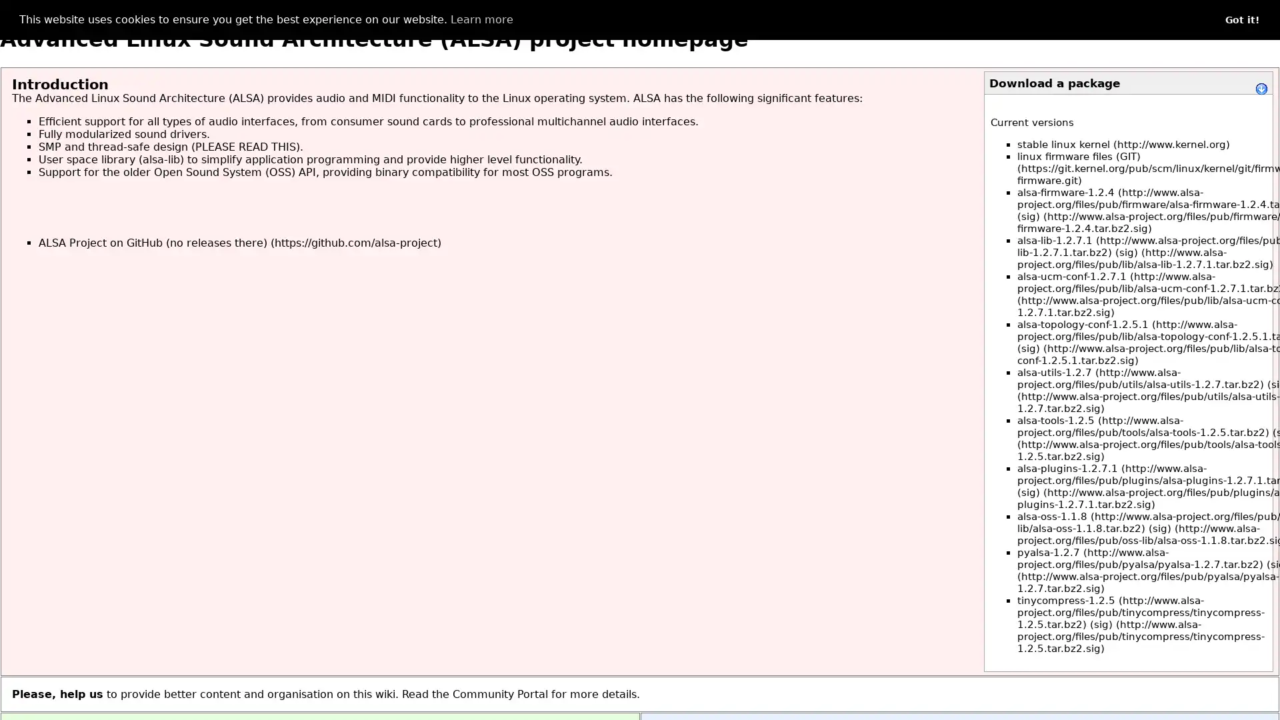 The image size is (1280, 720). What do you see at coordinates (1241, 20) in the screenshot?
I see `dismiss cookie message` at bounding box center [1241, 20].